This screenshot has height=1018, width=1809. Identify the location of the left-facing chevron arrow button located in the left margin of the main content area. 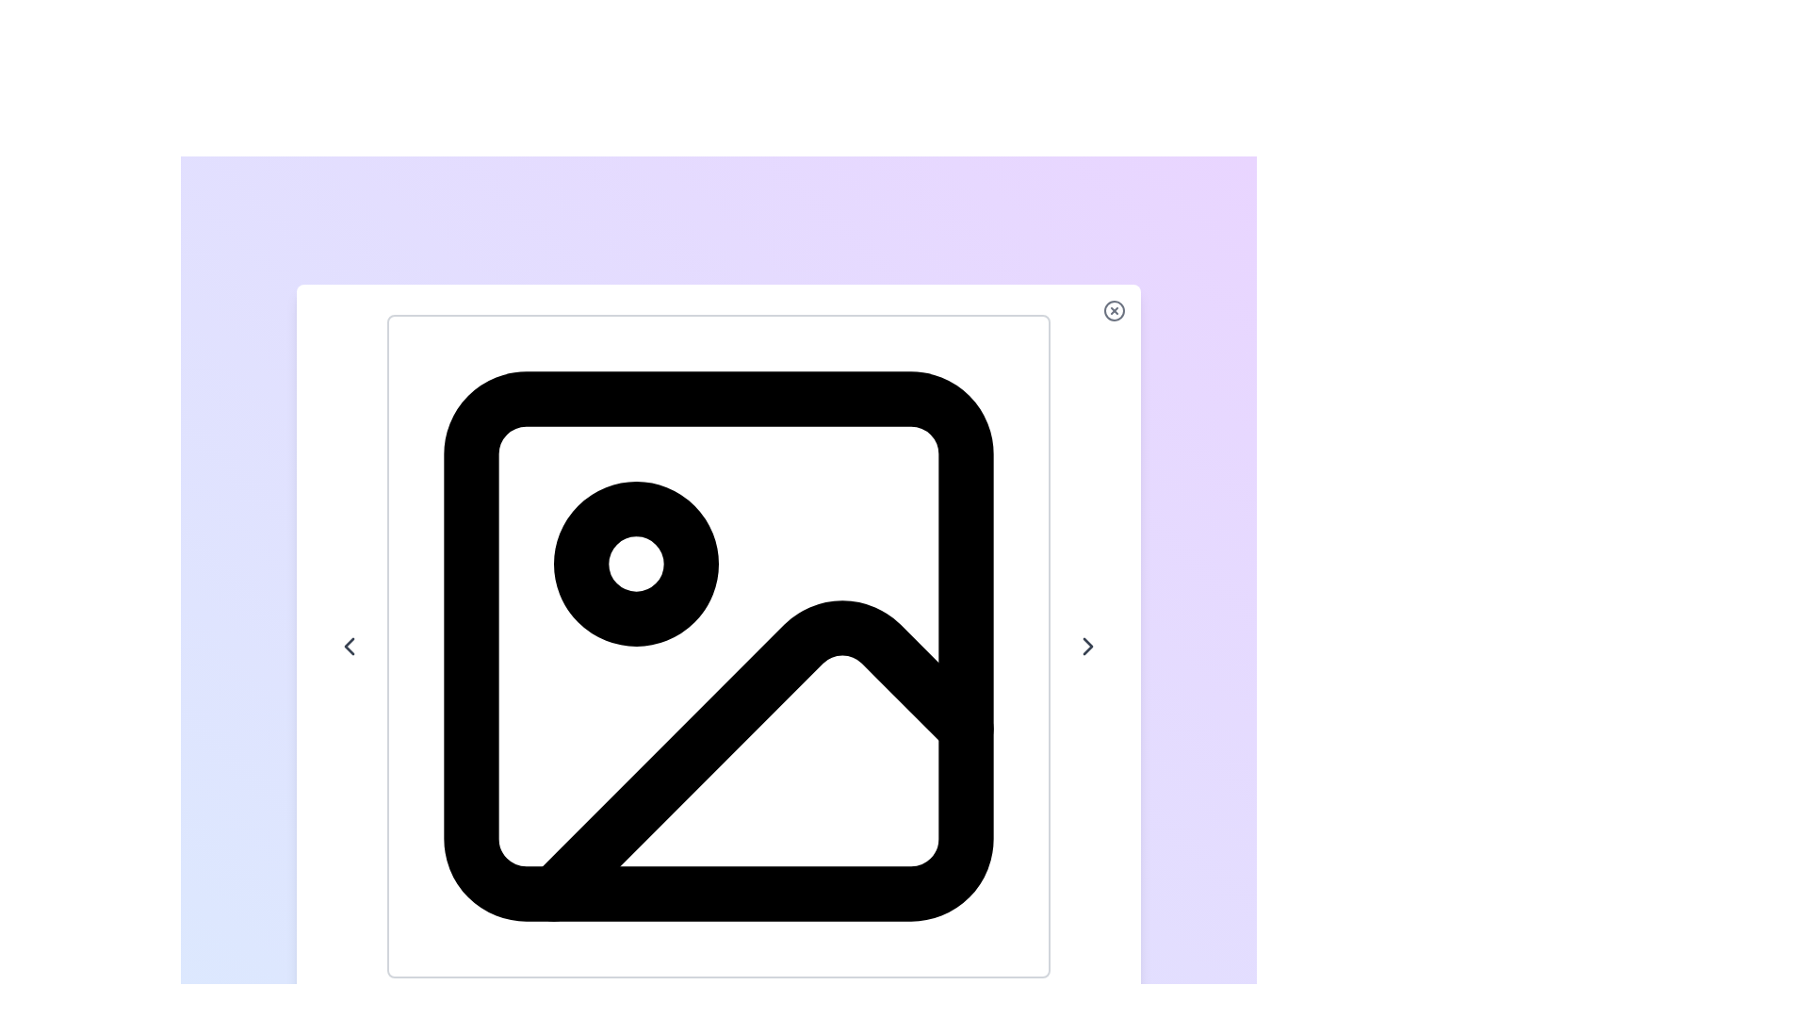
(349, 646).